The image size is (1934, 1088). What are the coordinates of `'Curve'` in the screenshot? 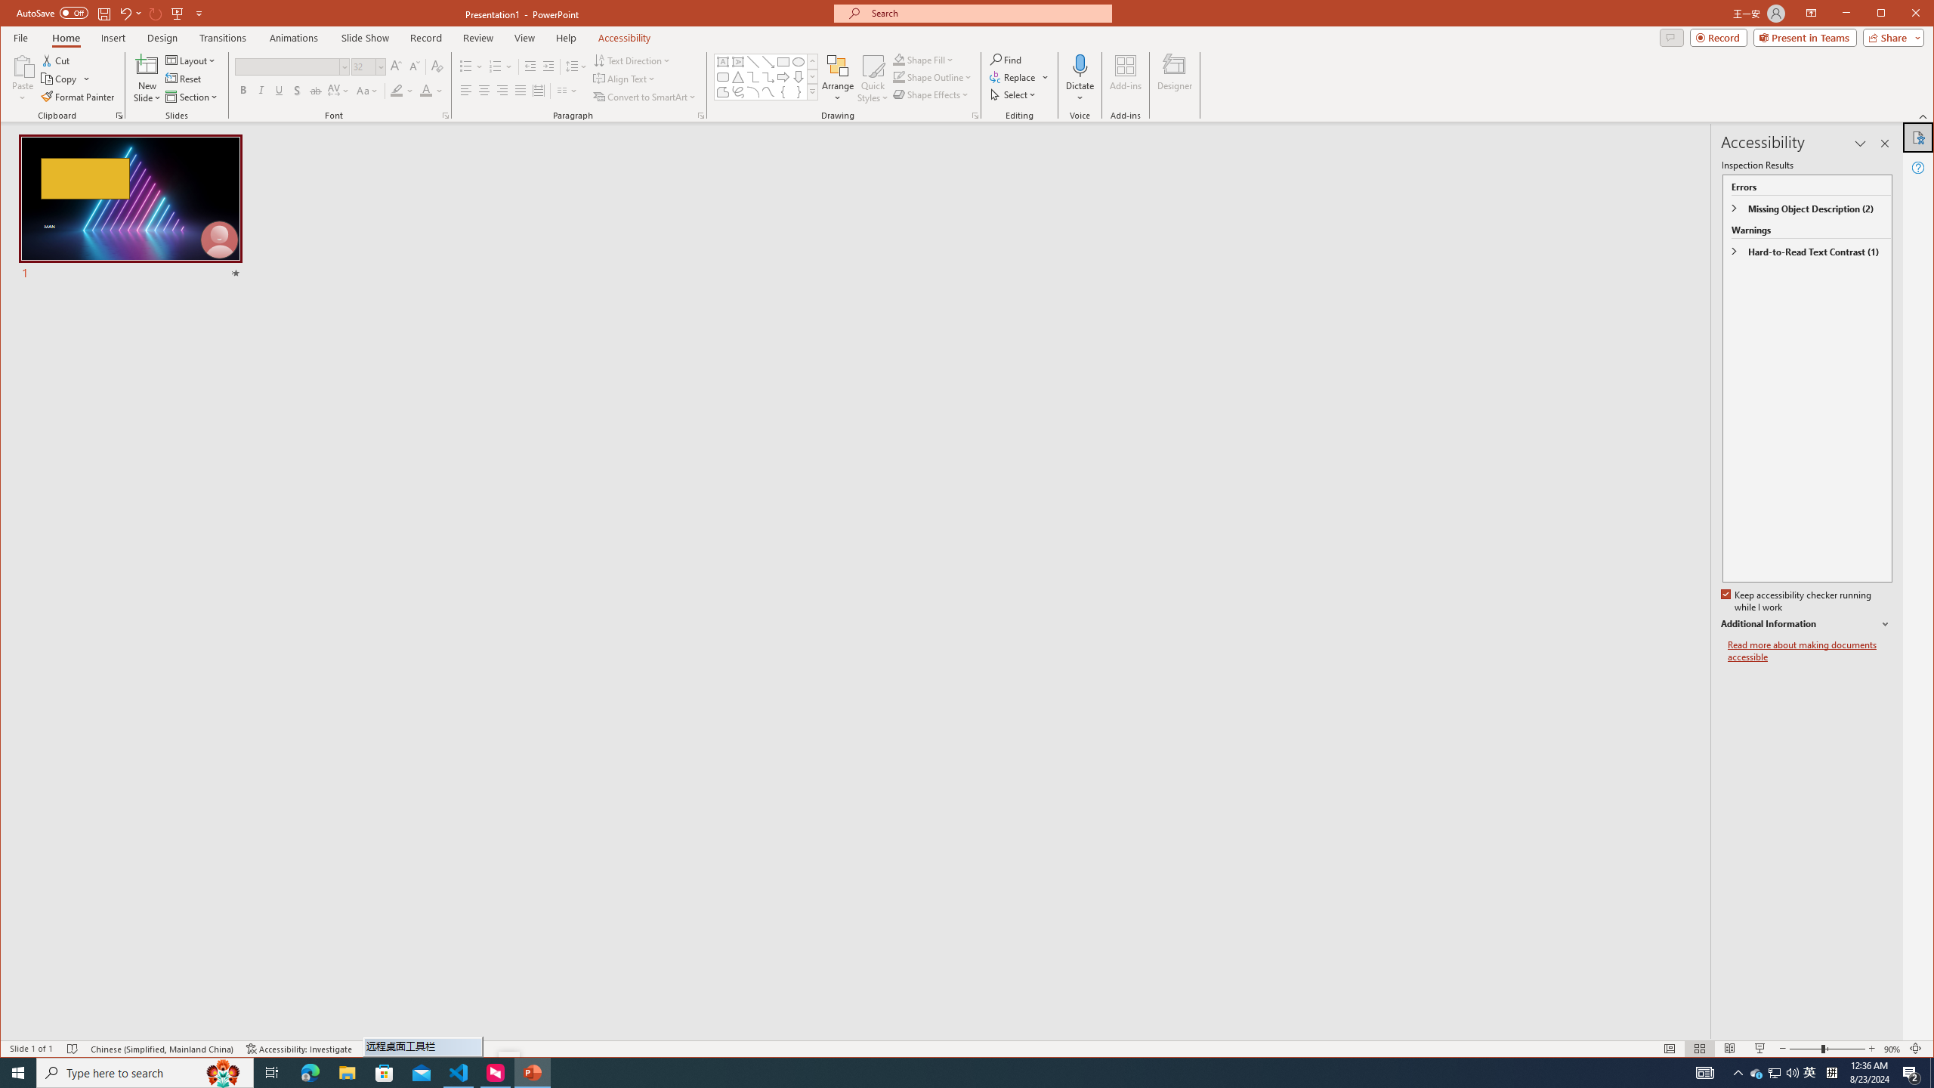 It's located at (767, 92).